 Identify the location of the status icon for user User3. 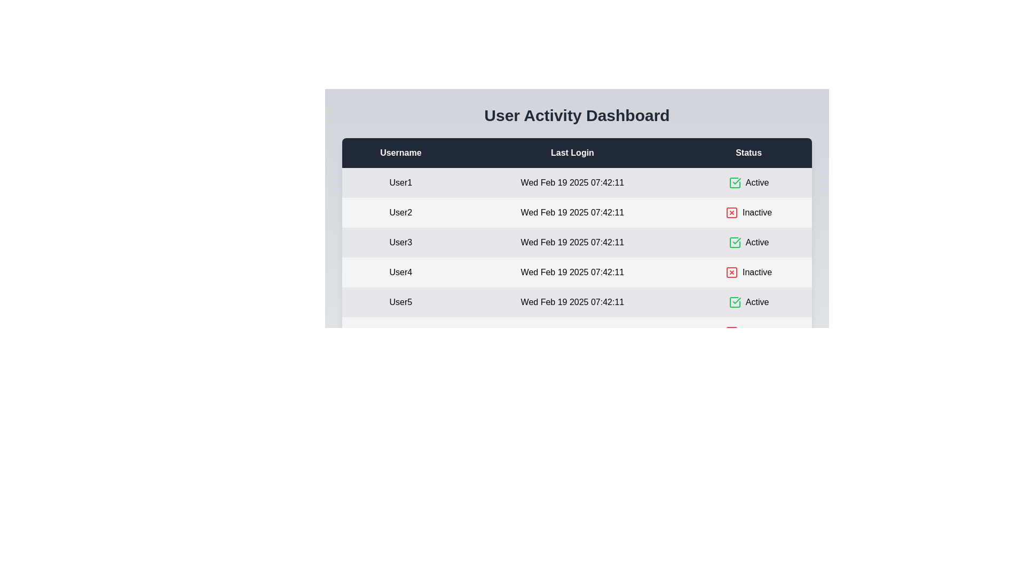
(734, 243).